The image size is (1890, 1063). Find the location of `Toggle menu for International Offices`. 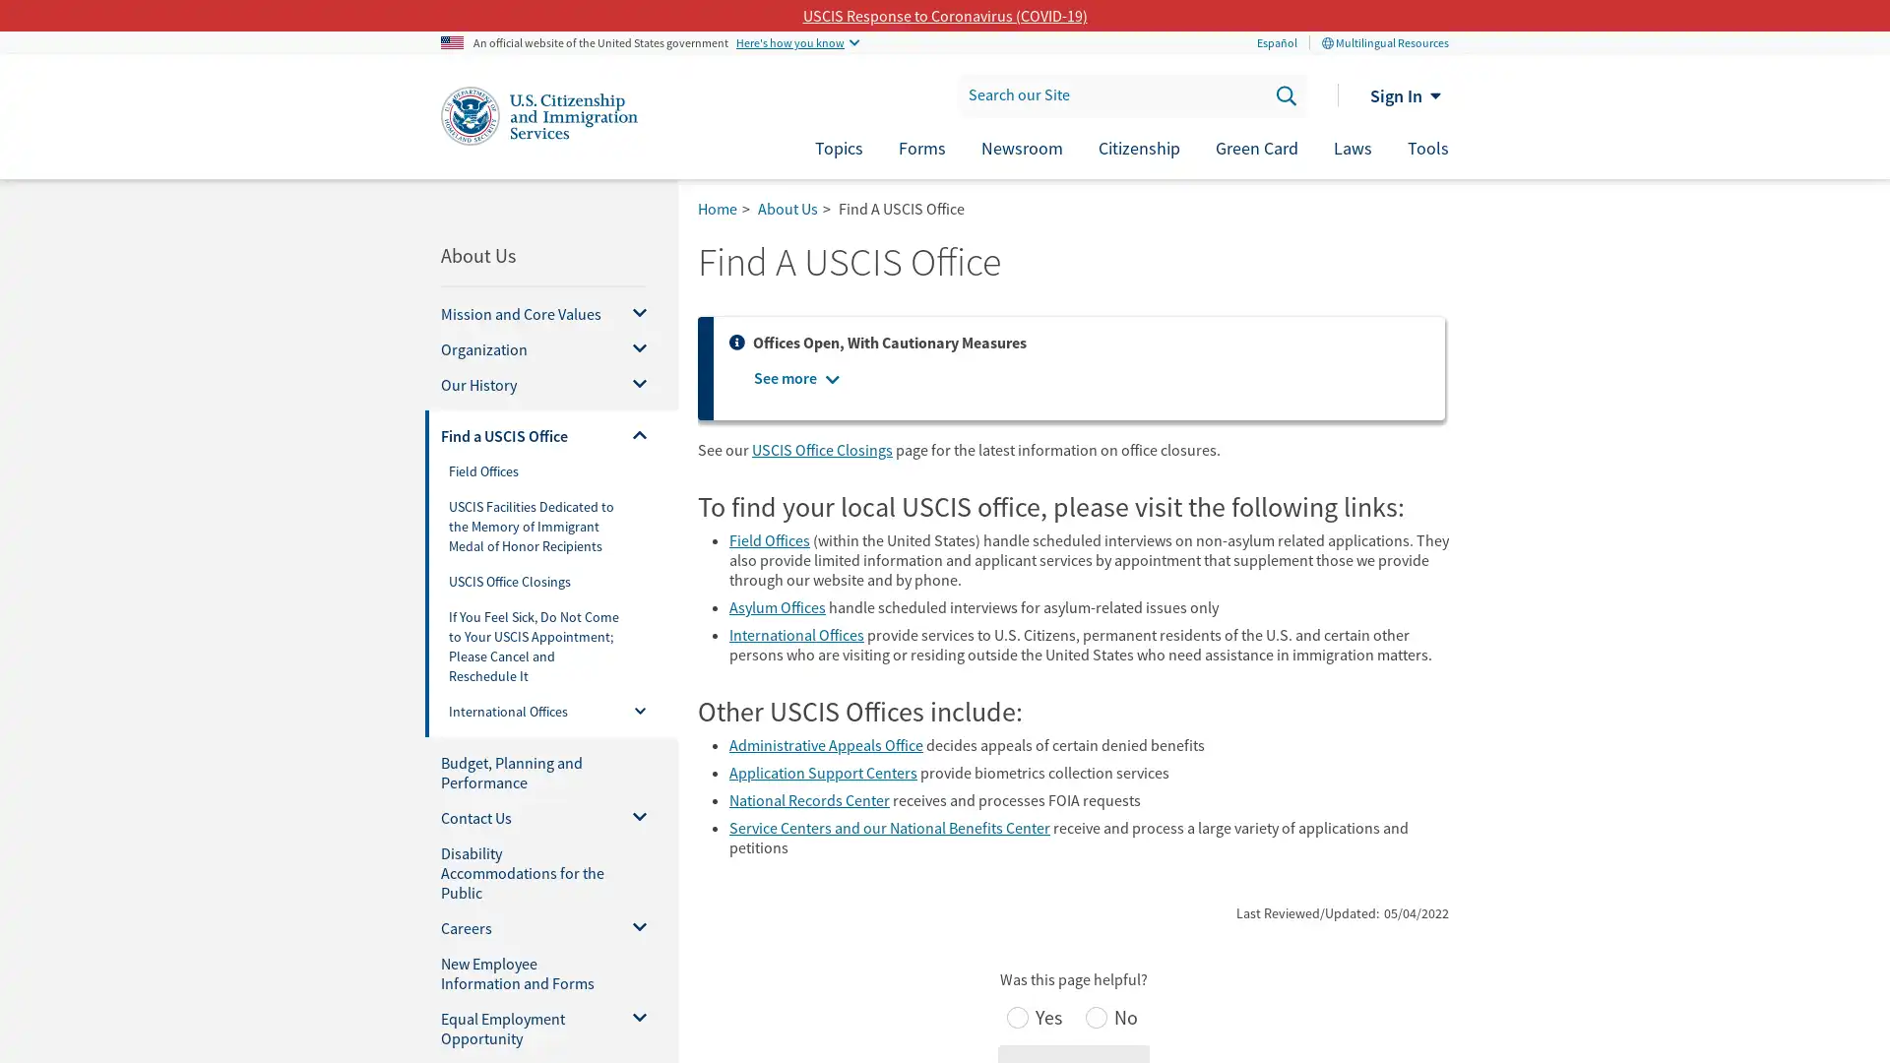

Toggle menu for International Offices is located at coordinates (631, 714).